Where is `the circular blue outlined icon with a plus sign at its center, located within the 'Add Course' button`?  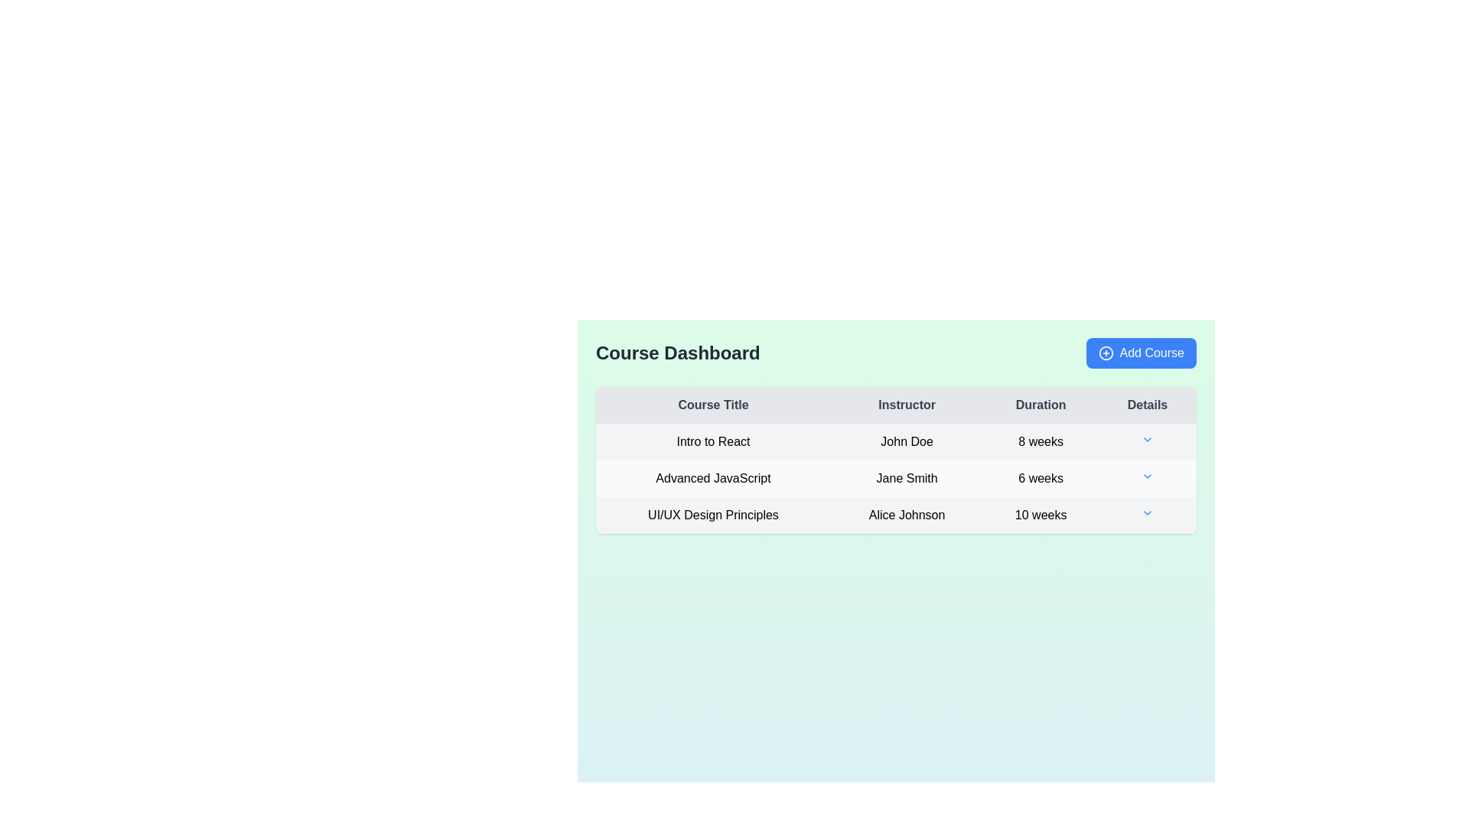 the circular blue outlined icon with a plus sign at its center, located within the 'Add Course' button is located at coordinates (1106, 353).